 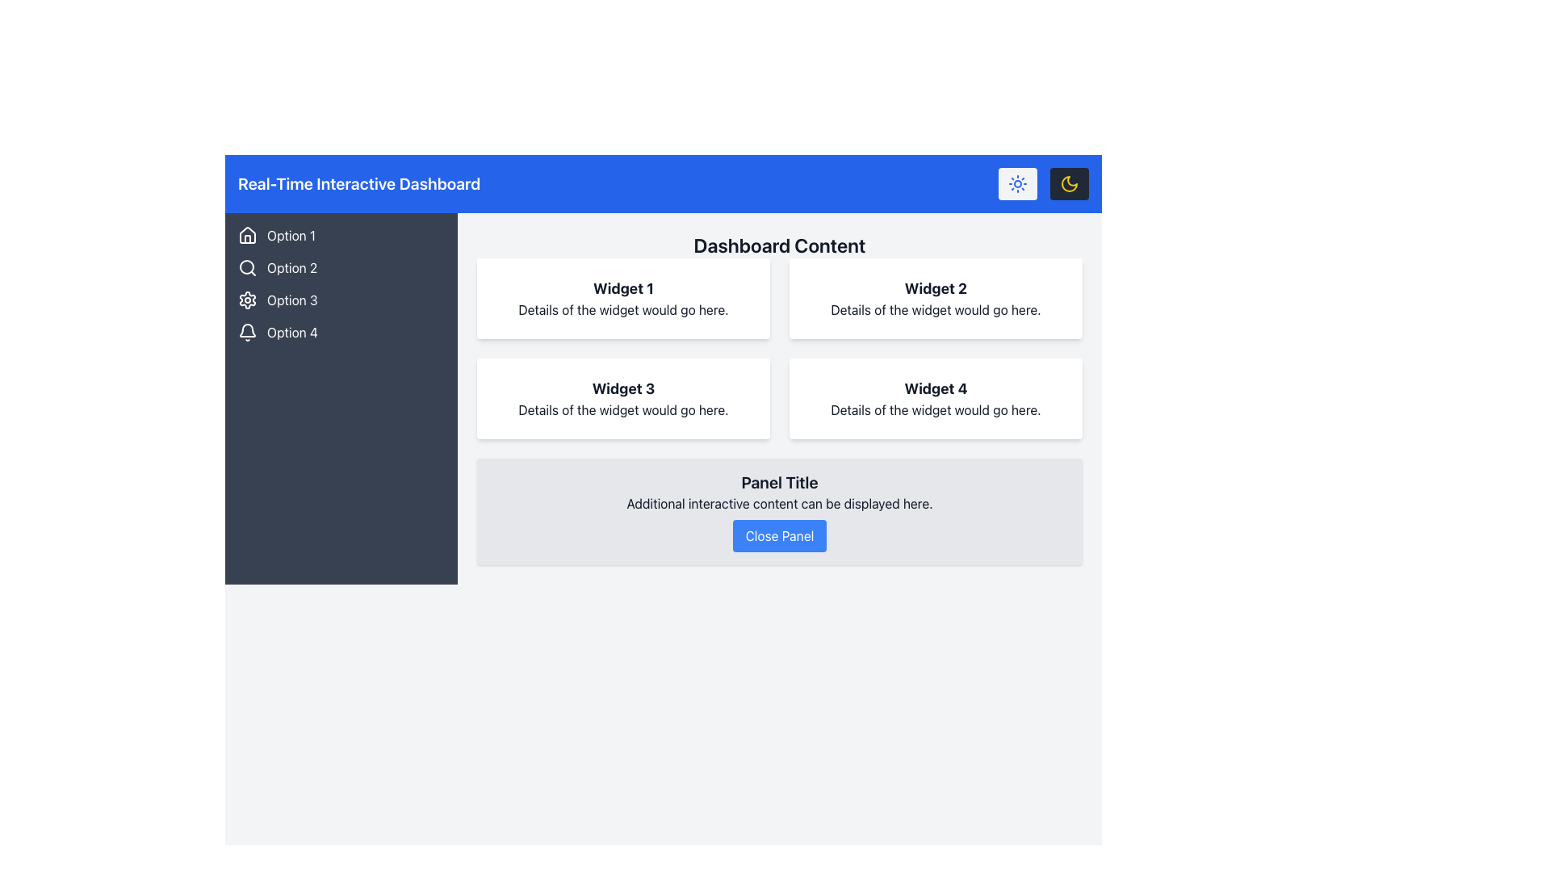 I want to click on the text label that reads 'Widget 3', which is formatted in a bold and large font and positioned at the top of the panel with a white background, so click(x=622, y=389).